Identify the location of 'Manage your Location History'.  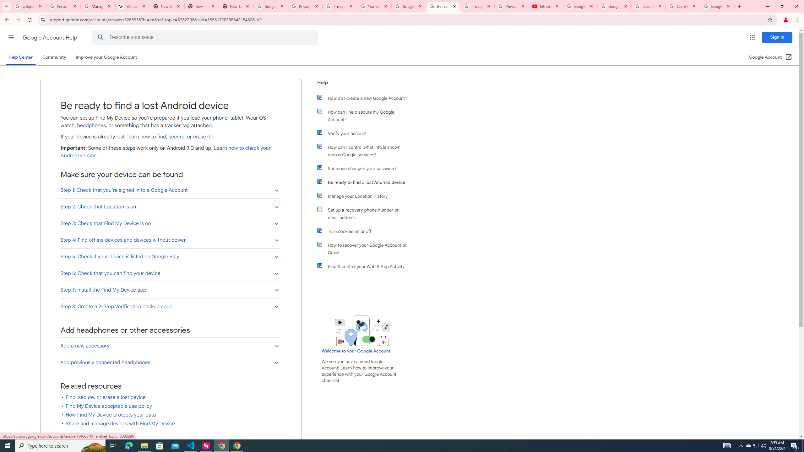
(365, 196).